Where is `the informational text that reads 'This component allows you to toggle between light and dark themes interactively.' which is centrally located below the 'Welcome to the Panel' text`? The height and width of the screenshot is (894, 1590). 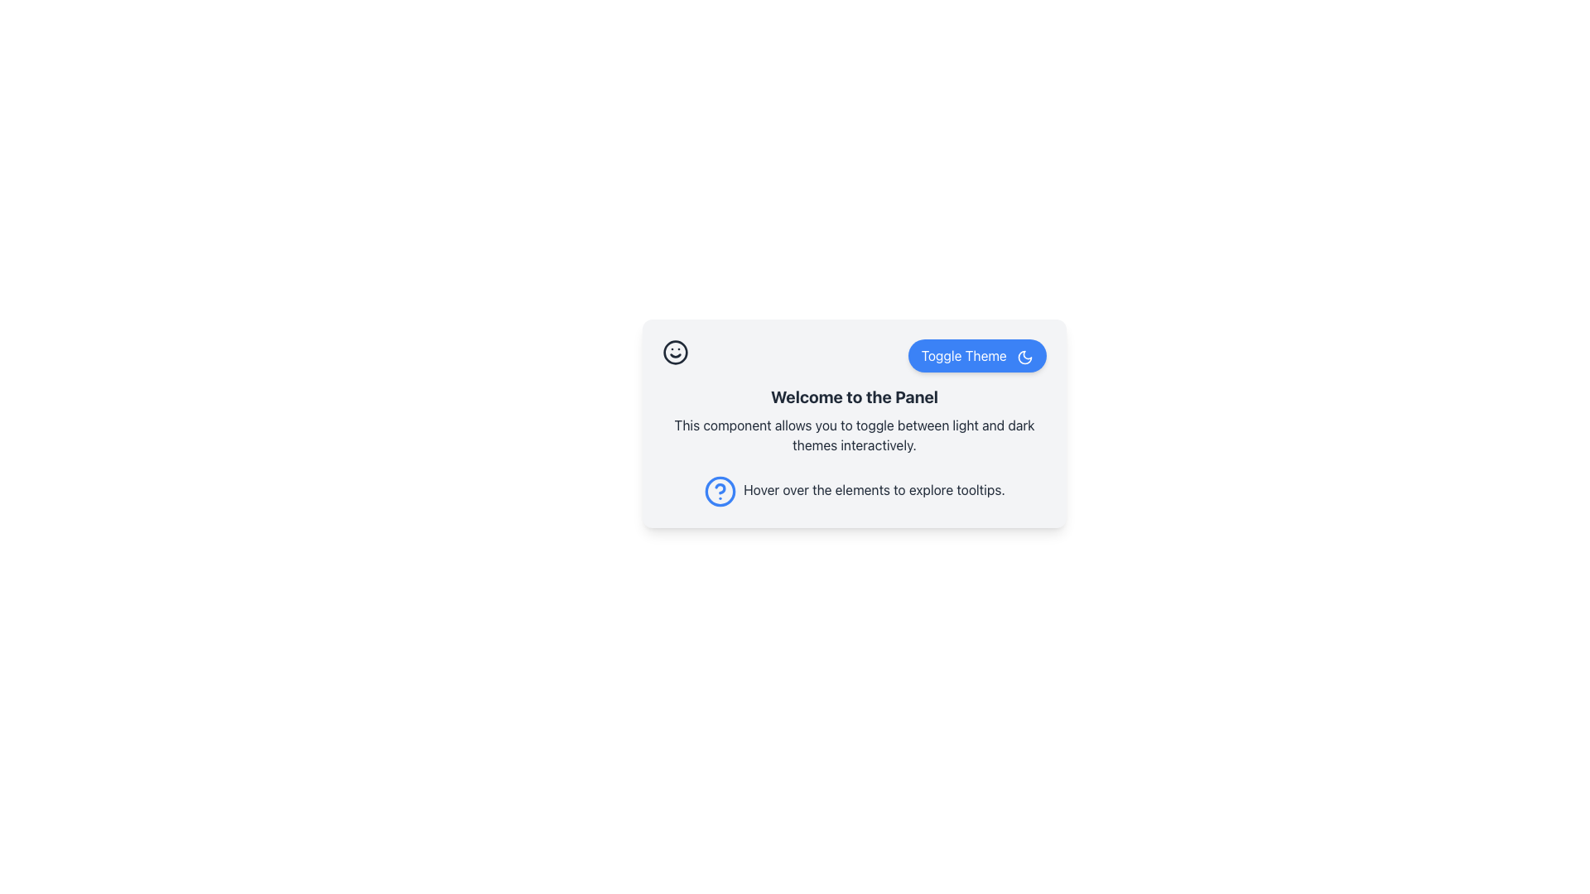
the informational text that reads 'This component allows you to toggle between light and dark themes interactively.' which is centrally located below the 'Welcome to the Panel' text is located at coordinates (855, 434).